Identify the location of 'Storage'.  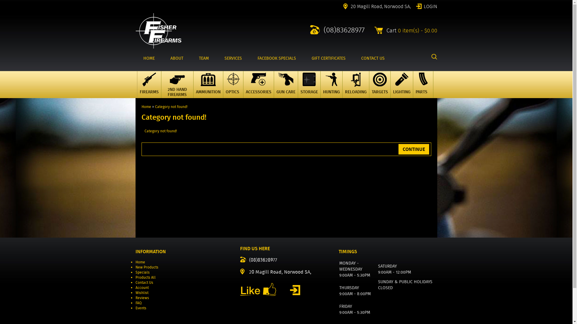
(309, 88).